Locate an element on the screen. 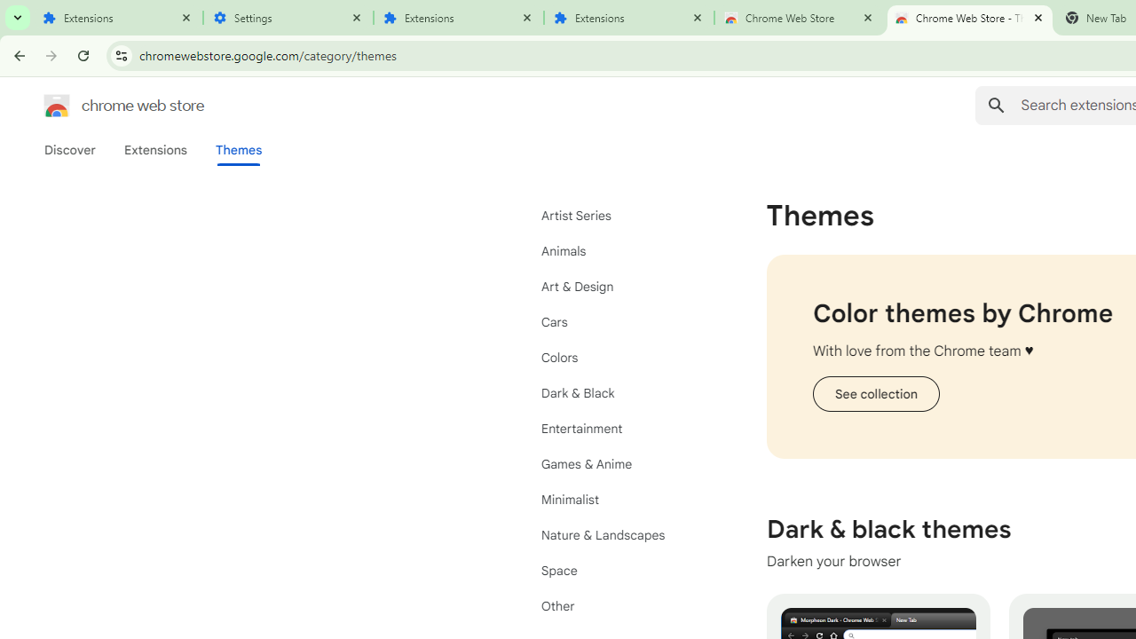 This screenshot has height=639, width=1136. 'Discover' is located at coordinates (70, 149).